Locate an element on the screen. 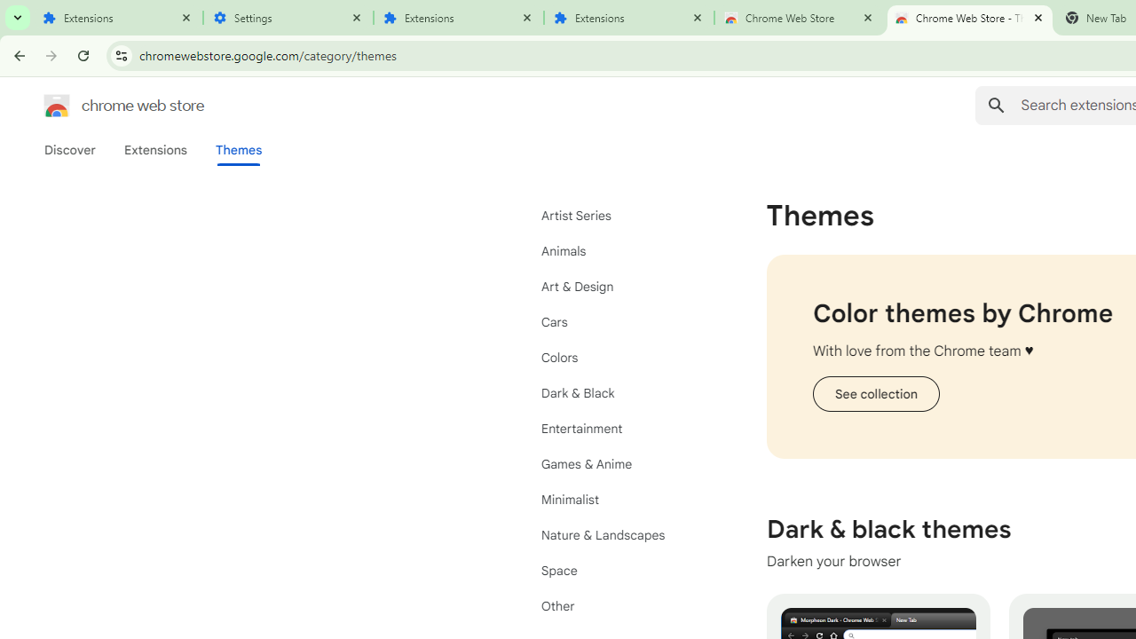 This screenshot has height=639, width=1136. 'Discover' is located at coordinates (70, 149).